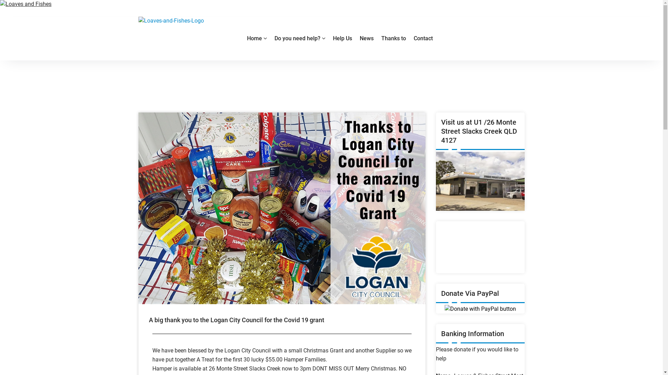  Describe the element at coordinates (393, 39) in the screenshot. I see `'Thanks to'` at that location.